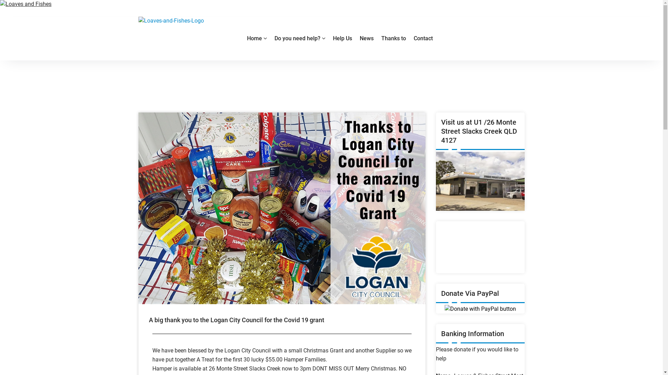  Describe the element at coordinates (393, 39) in the screenshot. I see `'Thanks to'` at that location.